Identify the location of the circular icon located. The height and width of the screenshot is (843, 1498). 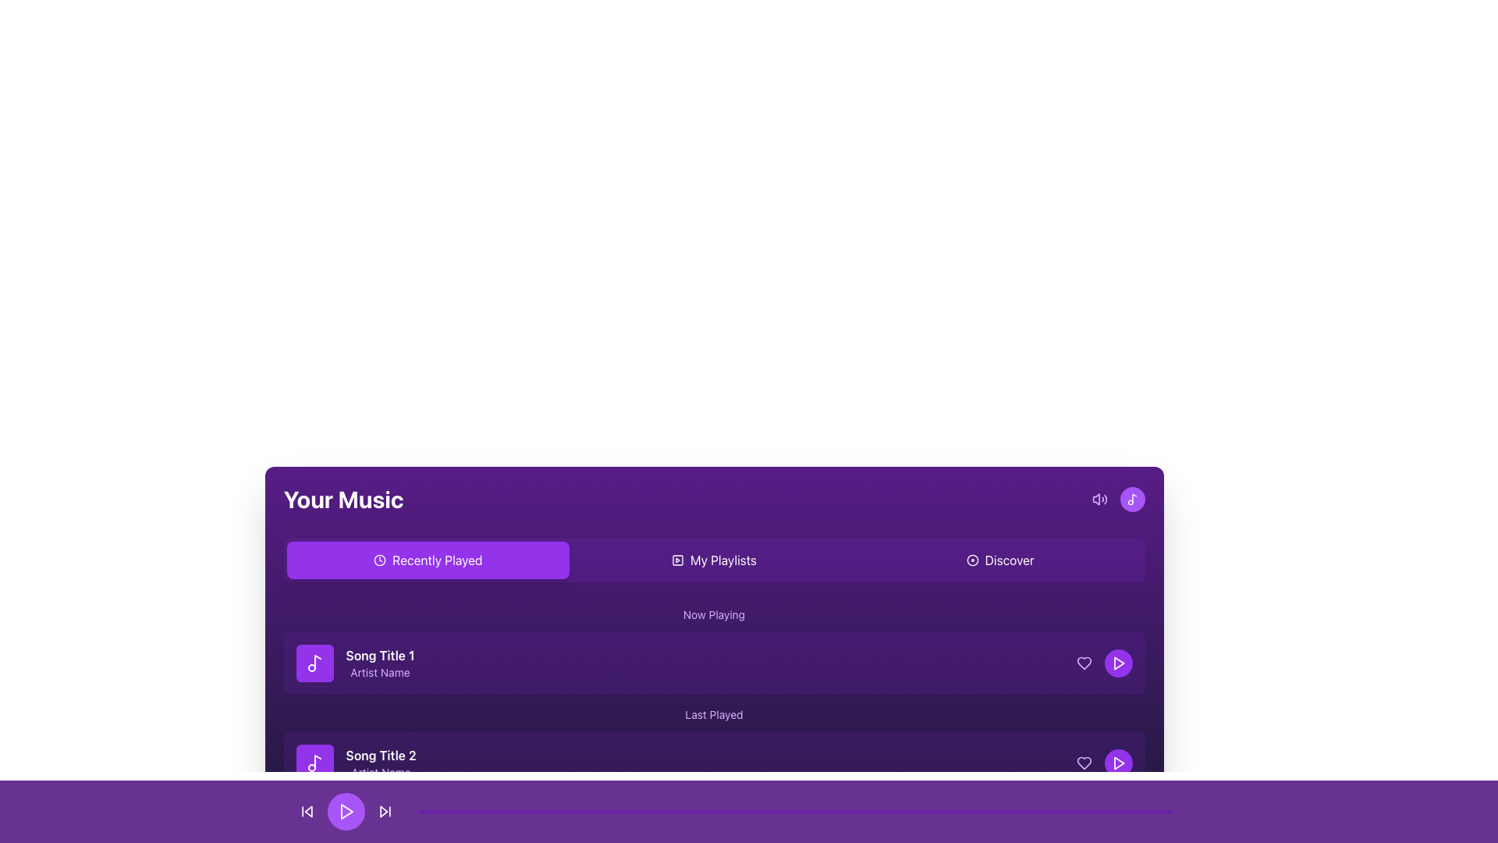
(971, 559).